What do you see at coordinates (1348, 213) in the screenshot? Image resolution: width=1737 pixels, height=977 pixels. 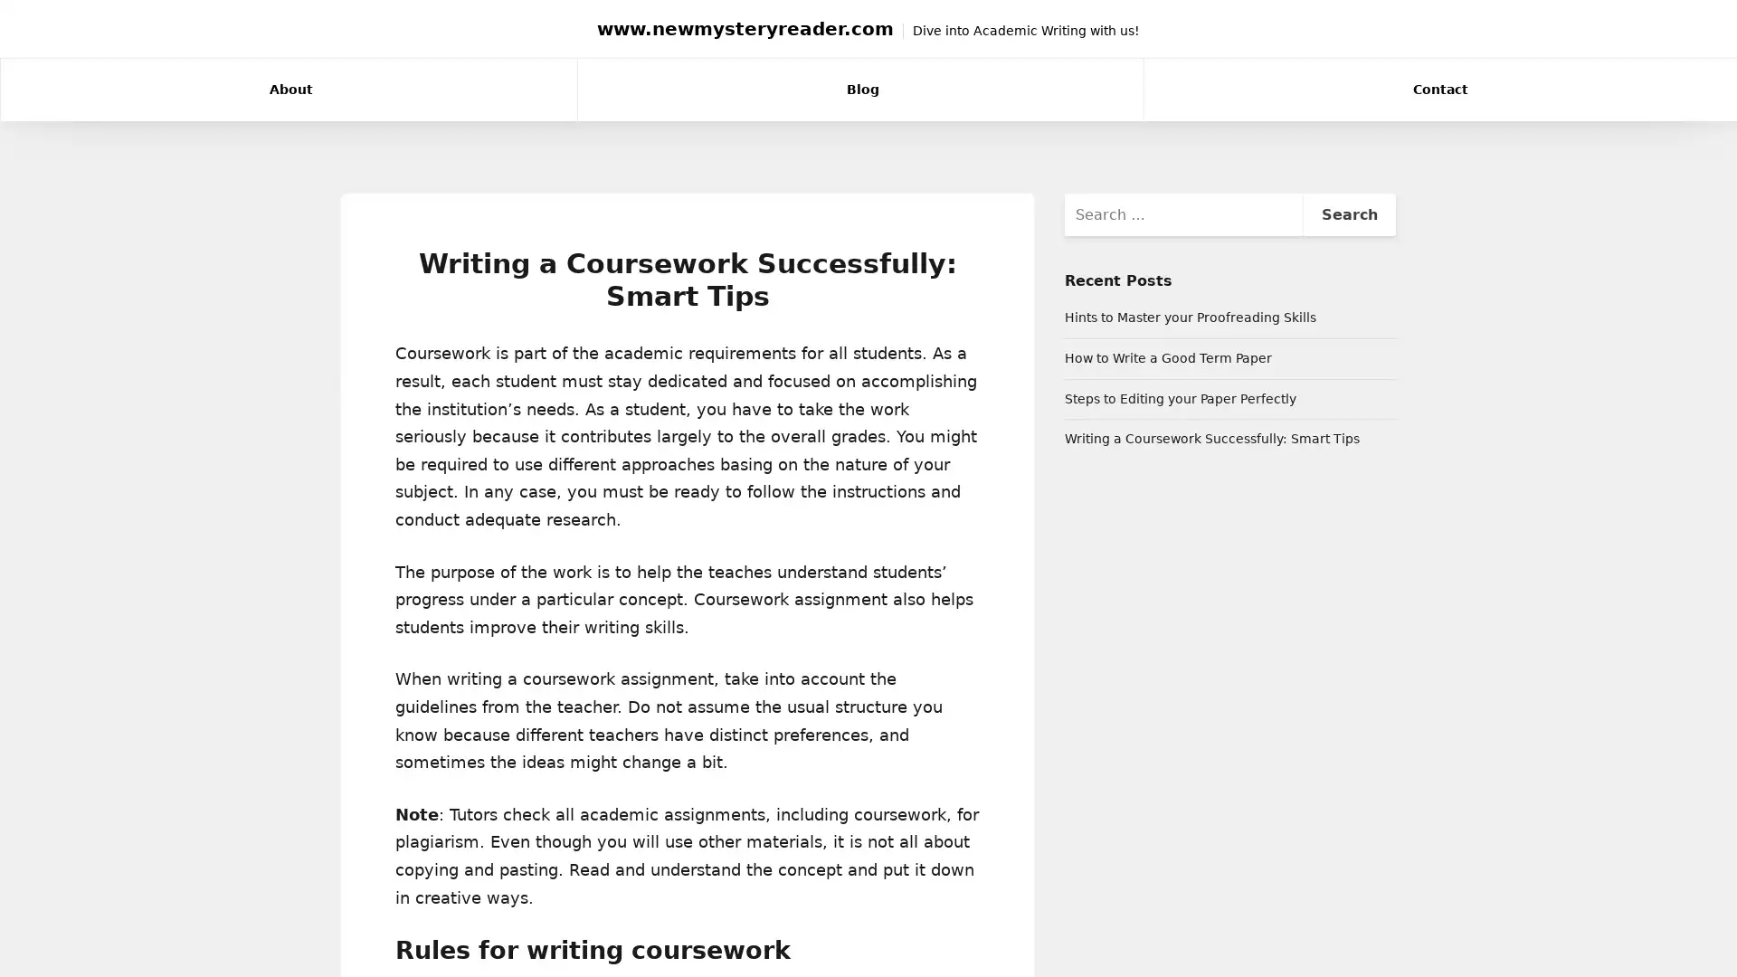 I see `Search` at bounding box center [1348, 213].